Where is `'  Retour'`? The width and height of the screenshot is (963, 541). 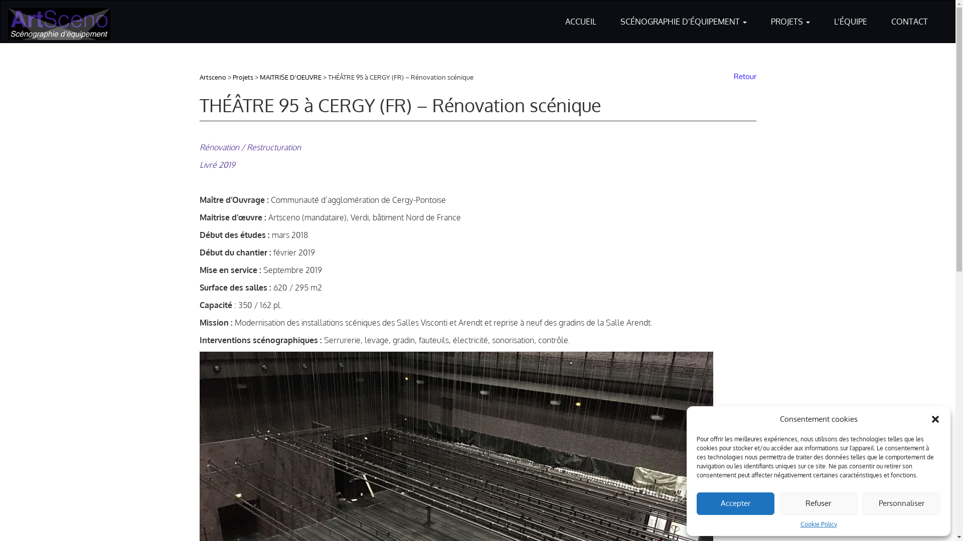
'  Retour' is located at coordinates (742, 76).